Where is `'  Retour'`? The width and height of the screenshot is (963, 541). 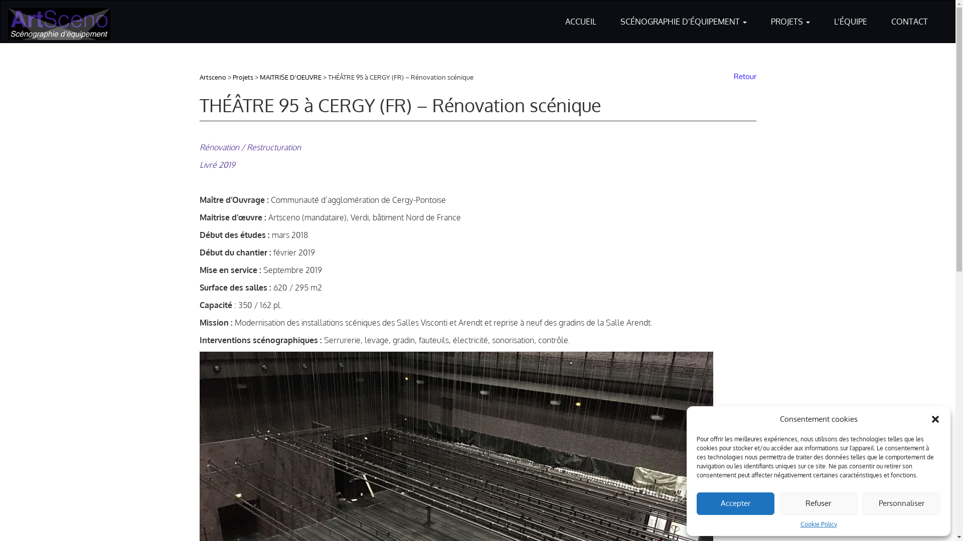
'  Retour' is located at coordinates (742, 76).